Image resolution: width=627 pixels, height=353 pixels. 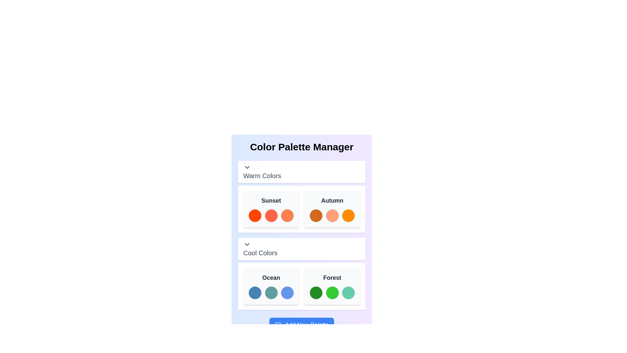 I want to click on the first color selector in the 'Warm Colors' section, so click(x=316, y=215).